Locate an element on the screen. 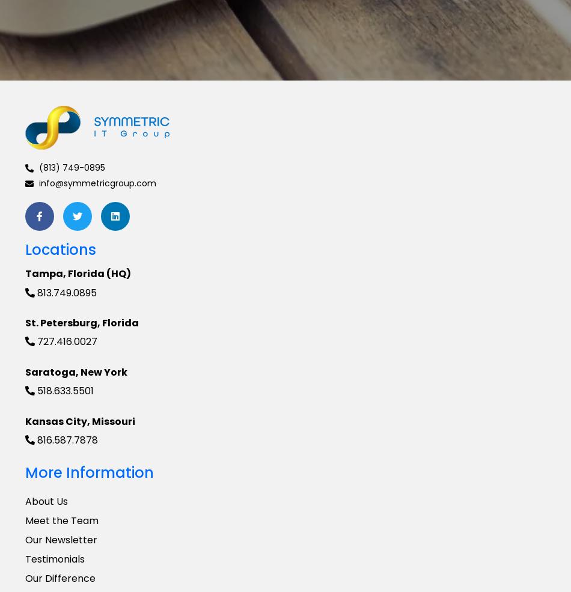 The height and width of the screenshot is (592, 571). 'Our Difference' is located at coordinates (60, 578).